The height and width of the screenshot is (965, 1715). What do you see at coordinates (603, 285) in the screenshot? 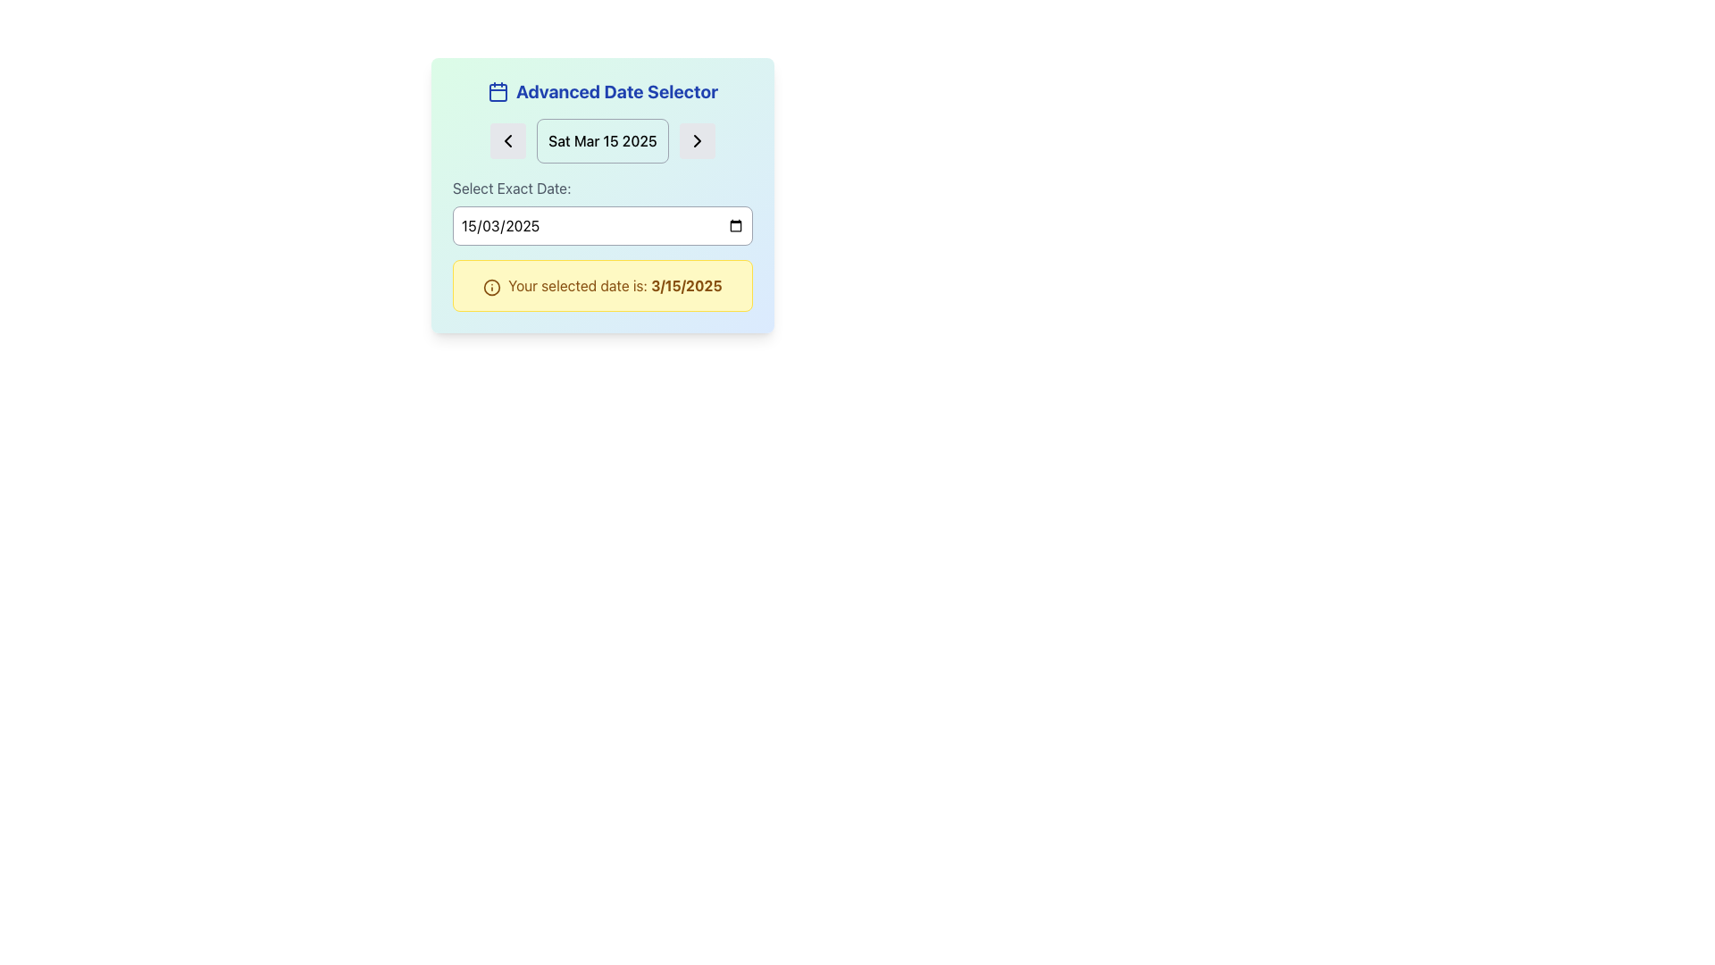
I see `text from the yellow box with rounded corners that contains the message 'Your selected date is: 3/15/2025' in bold brown text, located in the date selector interface under 'Select Exact Date'` at bounding box center [603, 285].